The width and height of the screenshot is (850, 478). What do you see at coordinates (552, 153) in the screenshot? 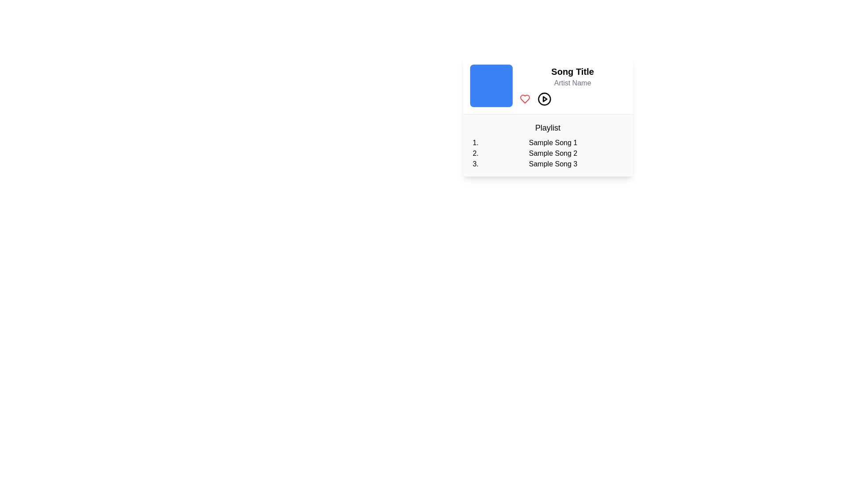
I see `the second item in the playlist, which identifies a specific song between 'Sample Song 1' and 'Sample Song 3', to unveil more options or details` at bounding box center [552, 153].